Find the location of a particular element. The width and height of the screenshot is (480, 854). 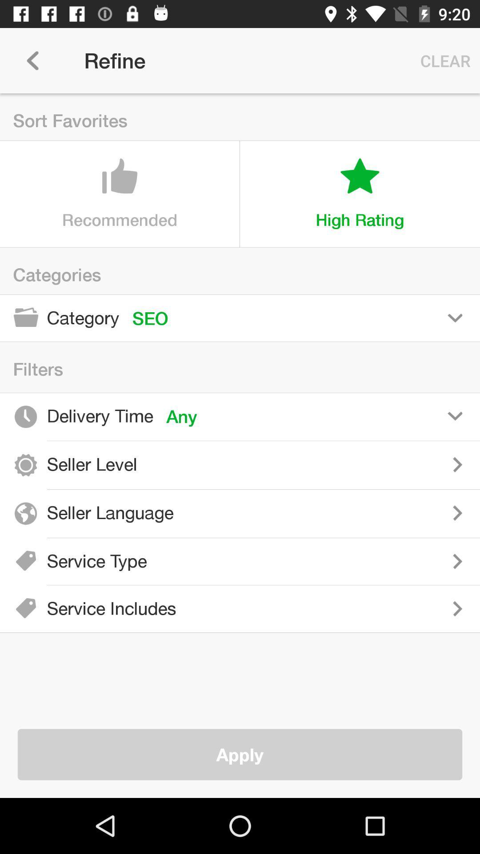

seller level is located at coordinates (315, 464).